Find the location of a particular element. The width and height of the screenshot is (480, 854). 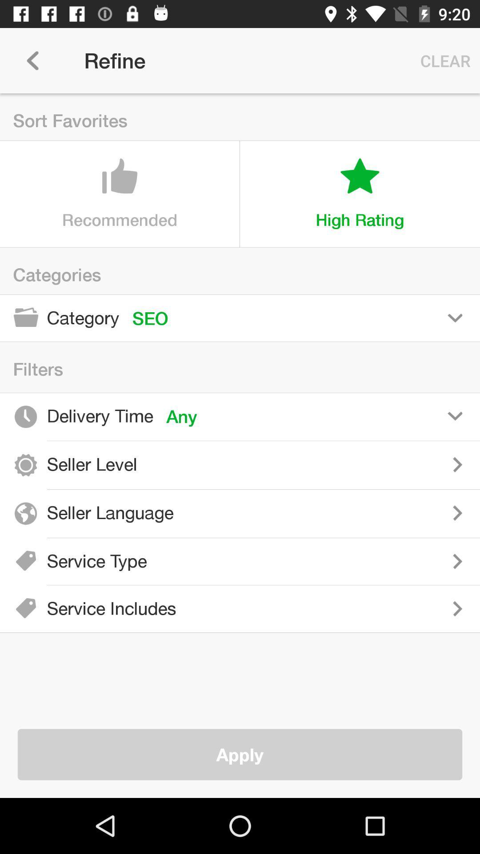

seller level is located at coordinates (315, 464).